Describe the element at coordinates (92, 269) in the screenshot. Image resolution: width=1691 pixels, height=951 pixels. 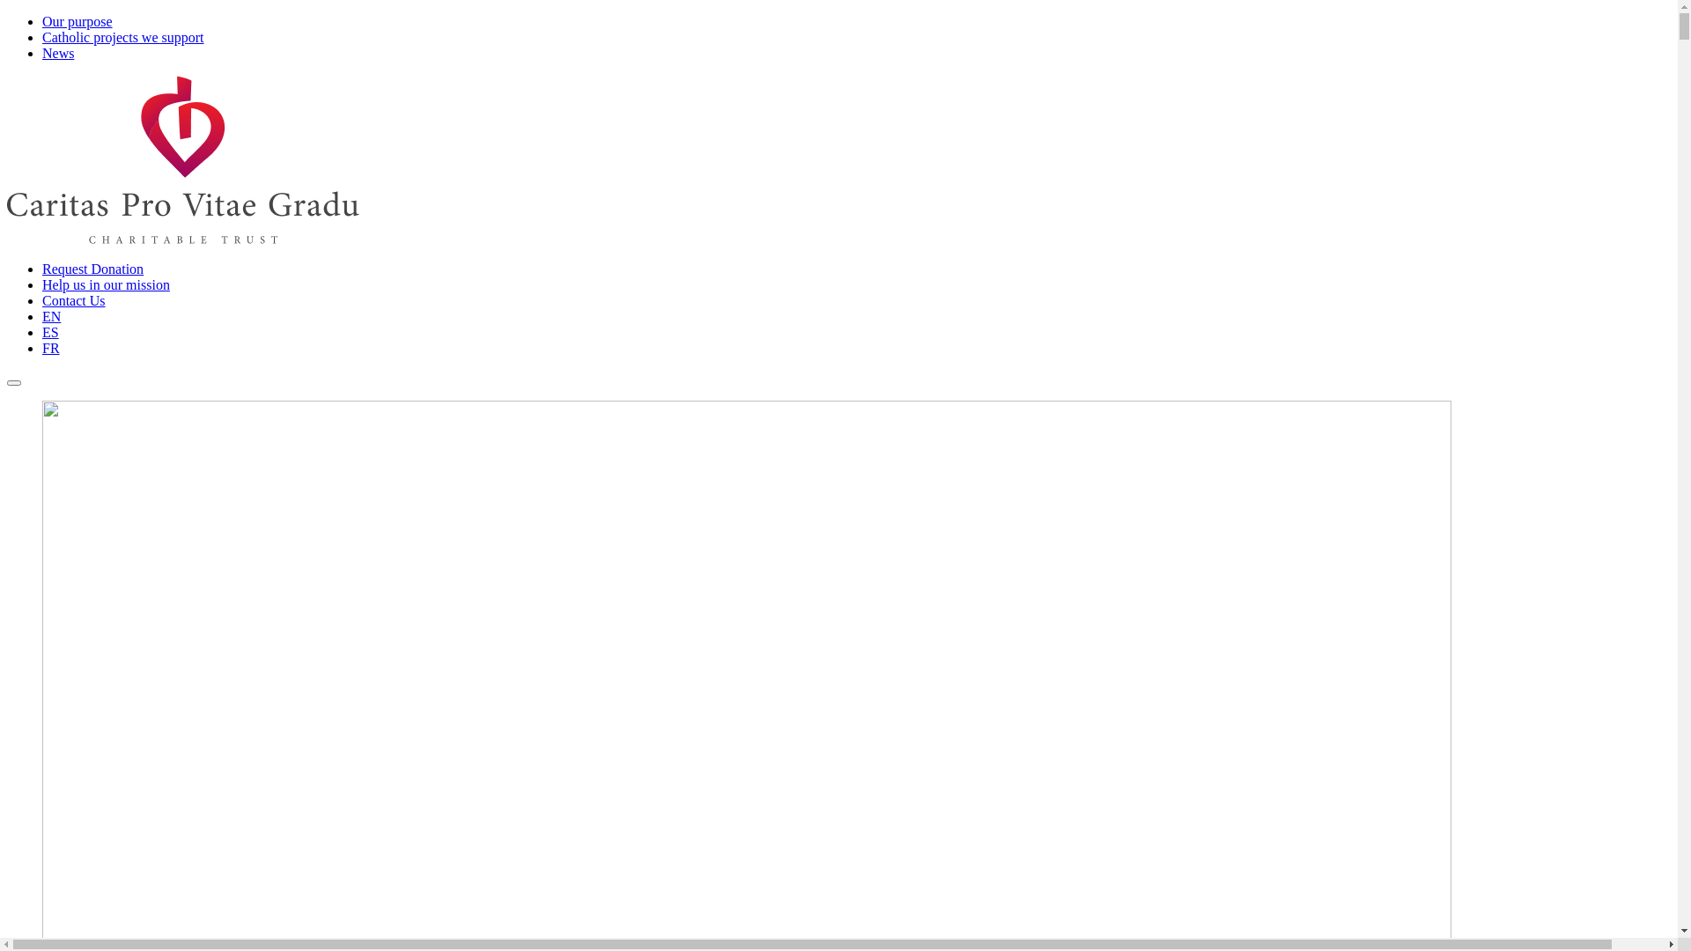
I see `'Request Donation'` at that location.